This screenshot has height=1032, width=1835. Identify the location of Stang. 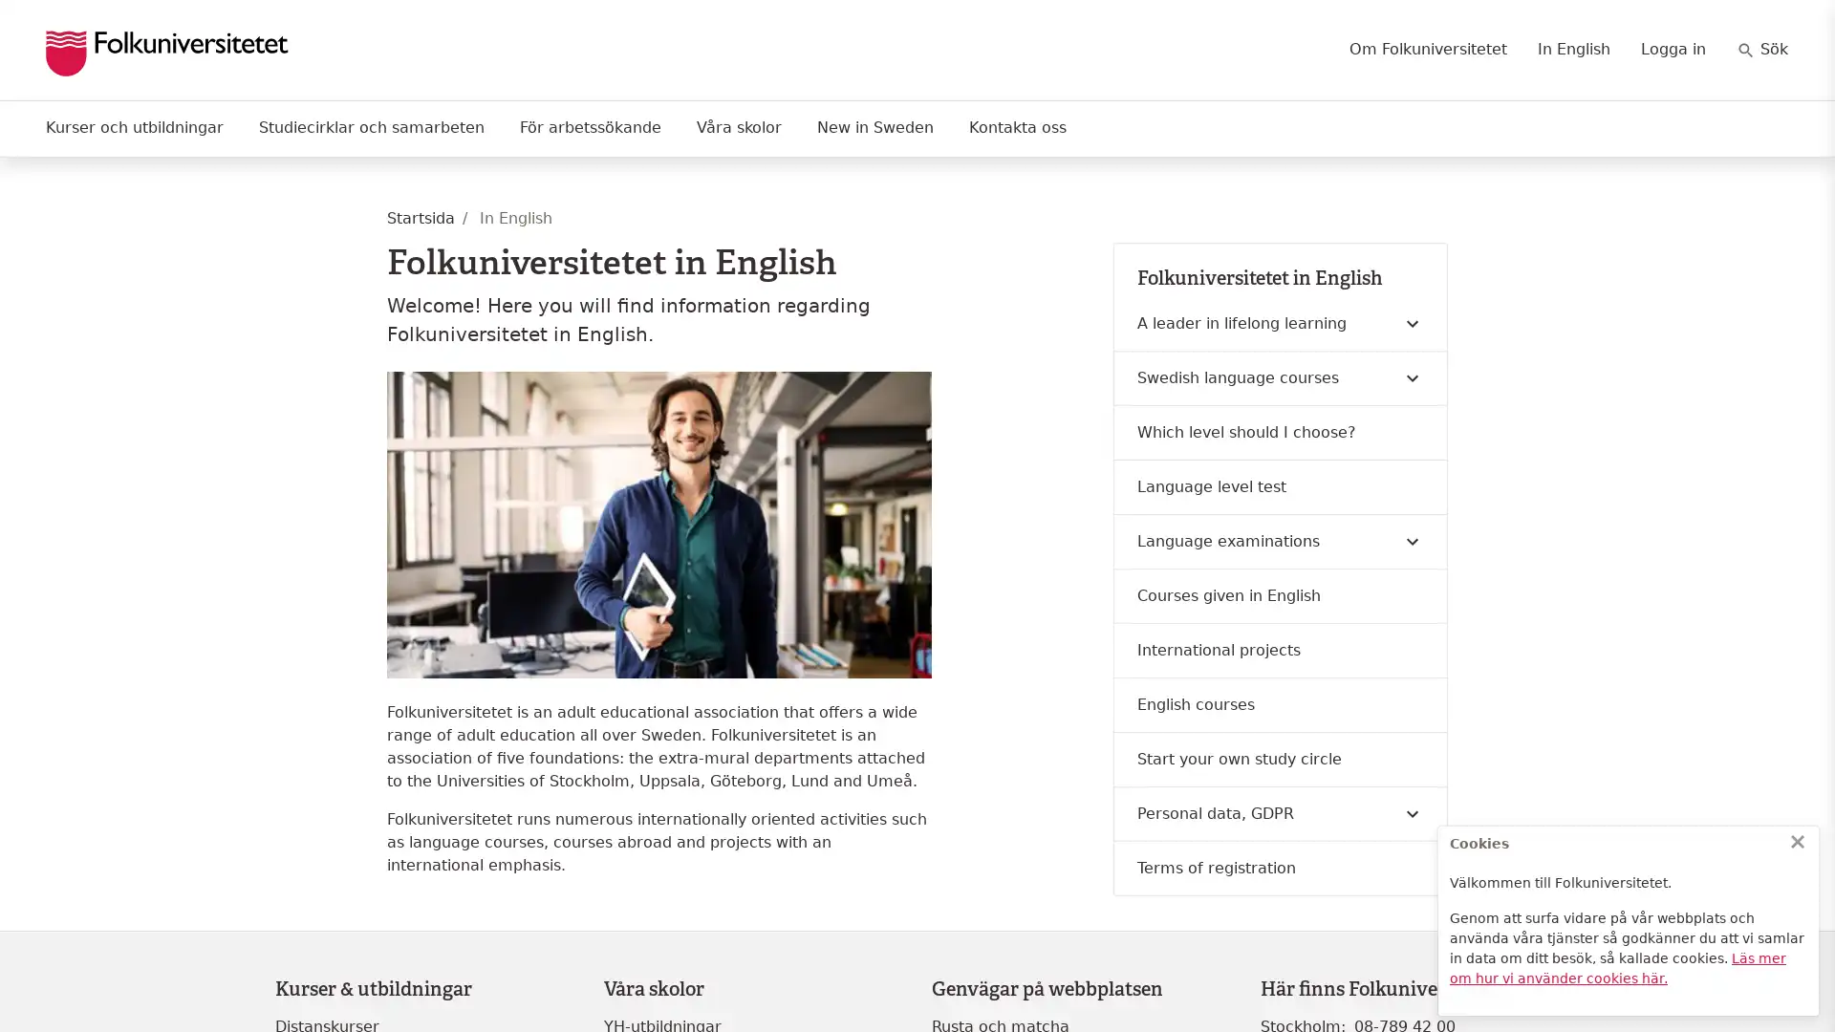
(1797, 840).